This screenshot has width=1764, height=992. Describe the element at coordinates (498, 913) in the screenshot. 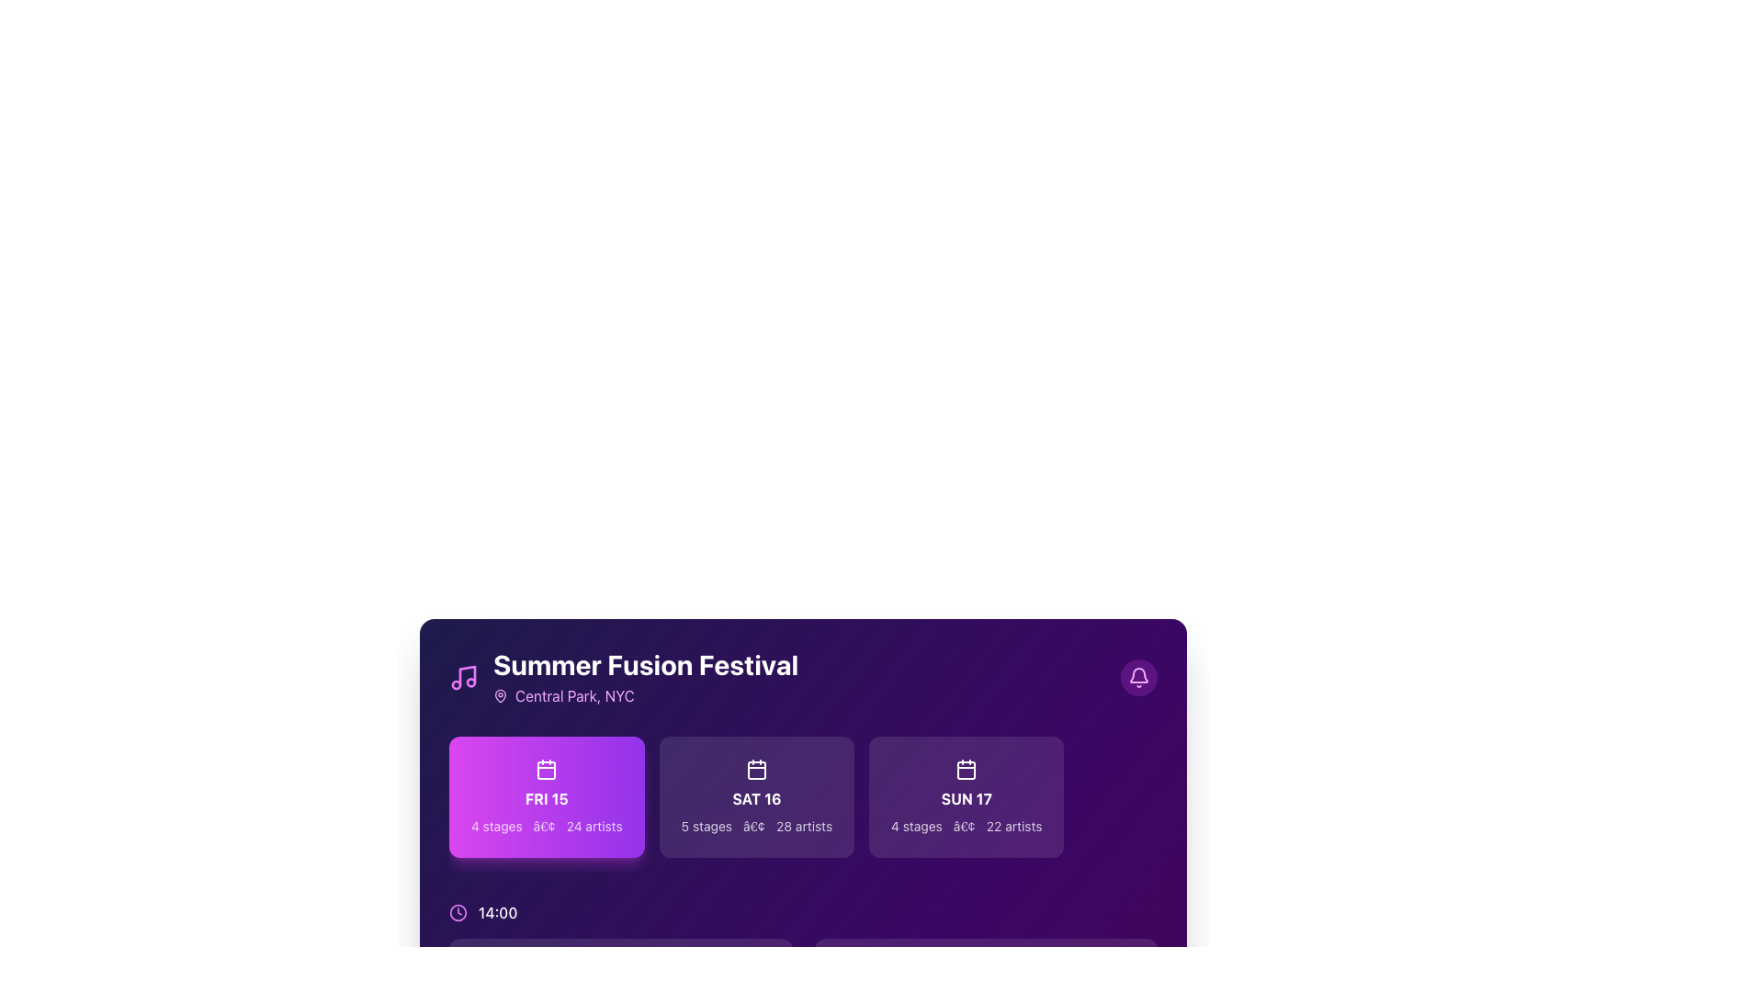

I see `the Text label displaying the time value located in the lower left region of the interface, which is positioned to the right of a clock icon` at that location.